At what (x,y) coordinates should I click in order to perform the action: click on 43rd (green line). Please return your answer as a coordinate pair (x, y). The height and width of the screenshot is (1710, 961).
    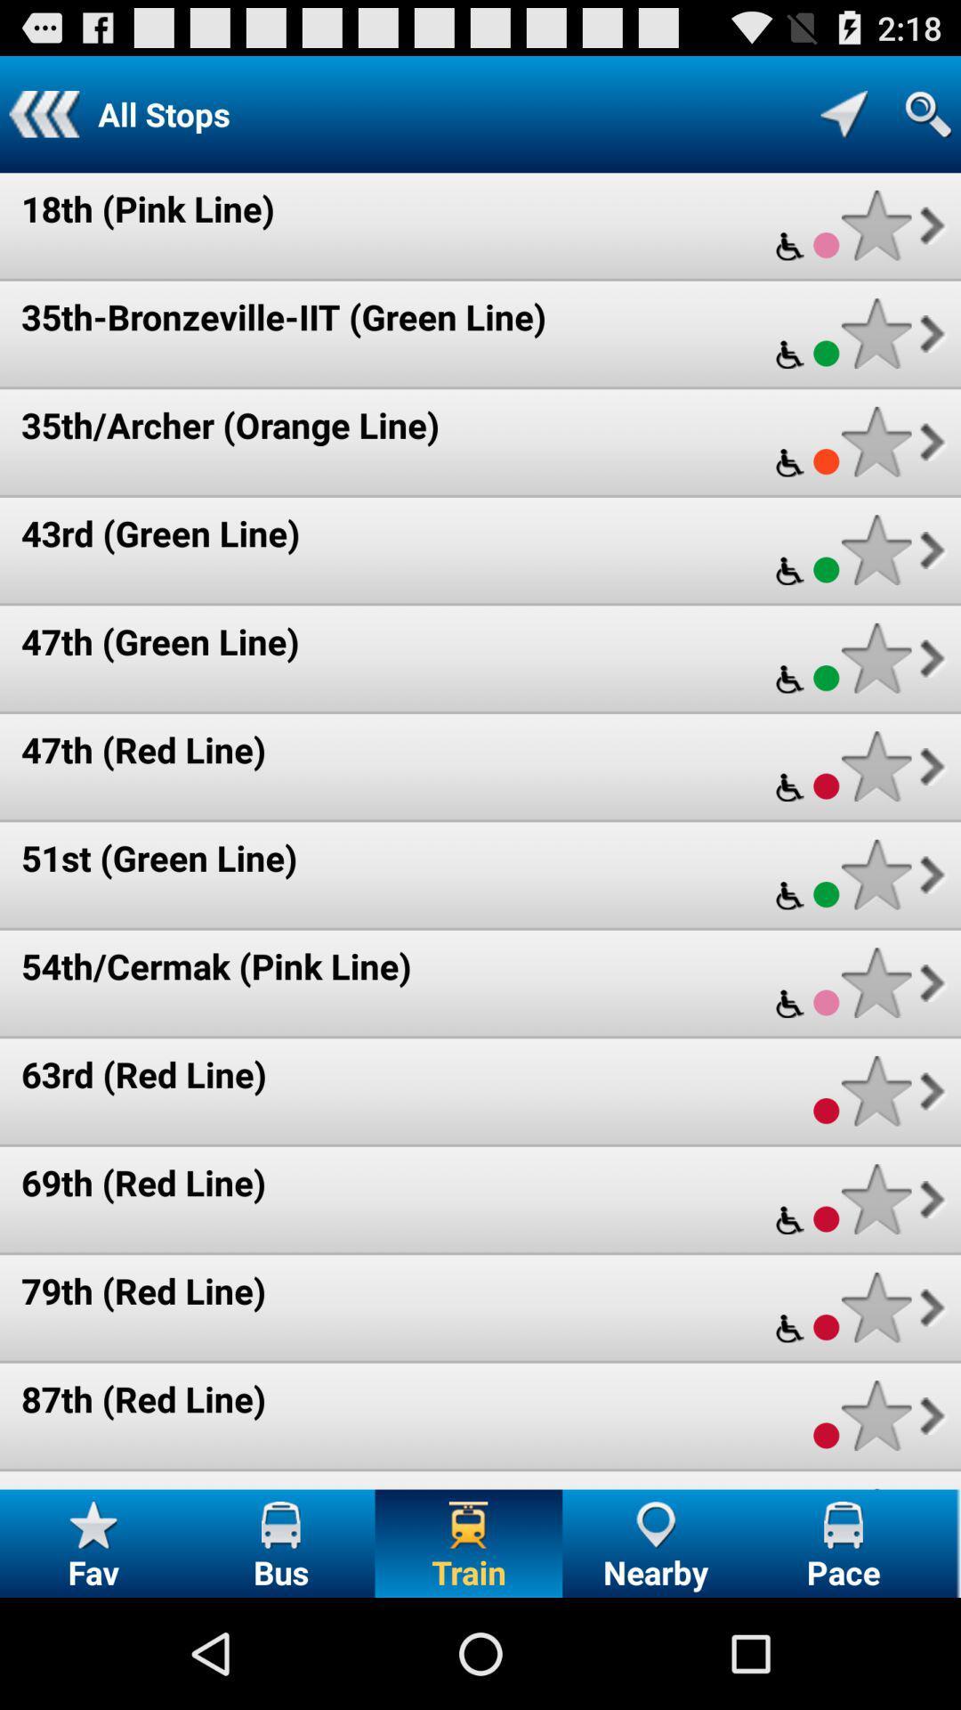
    Looking at the image, I should click on (160, 532).